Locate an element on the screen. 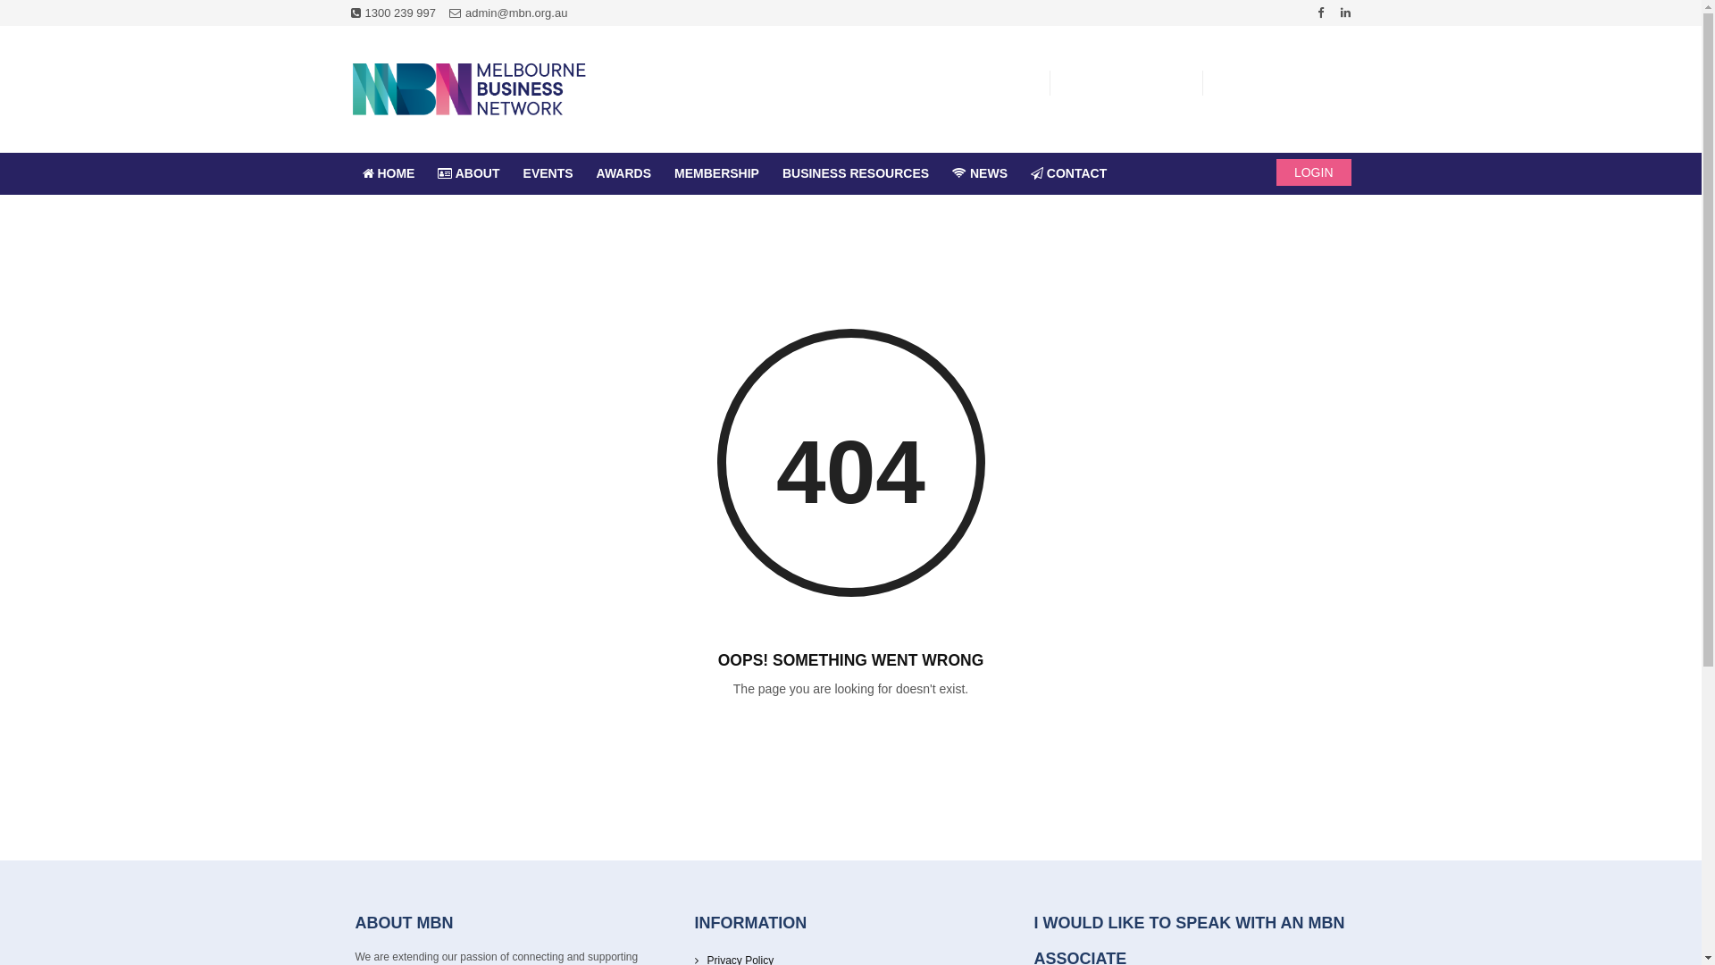  'Become a Member' is located at coordinates (1290, 85).